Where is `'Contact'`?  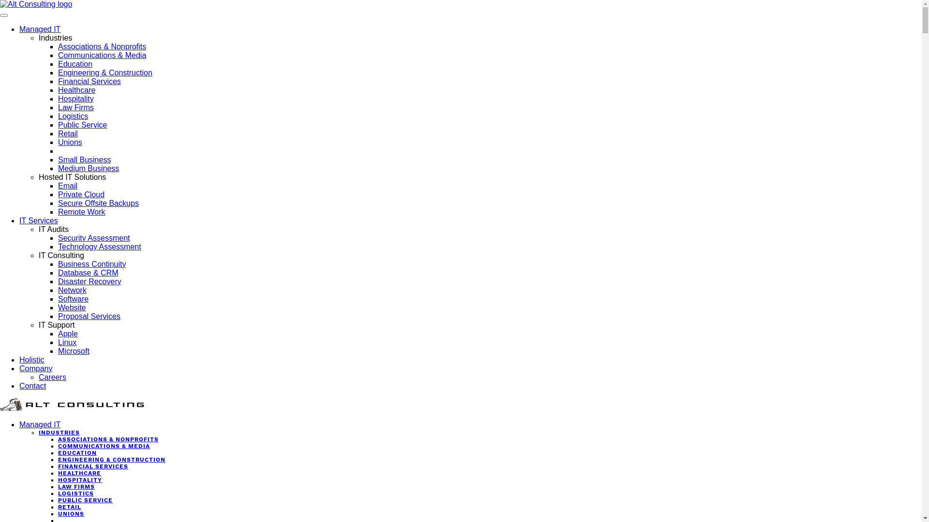 'Contact' is located at coordinates (19, 385).